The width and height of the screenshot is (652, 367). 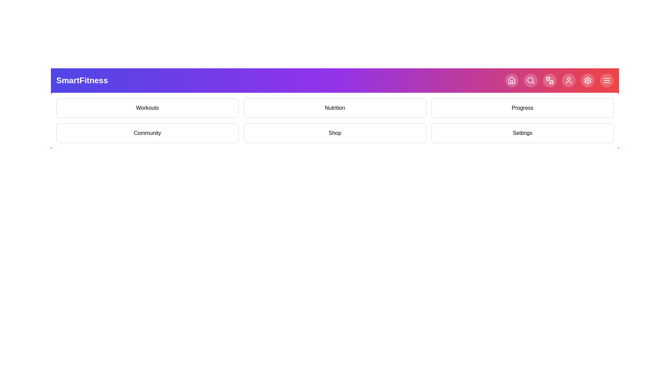 I want to click on the navigation icon corresponding to Settings, so click(x=587, y=80).